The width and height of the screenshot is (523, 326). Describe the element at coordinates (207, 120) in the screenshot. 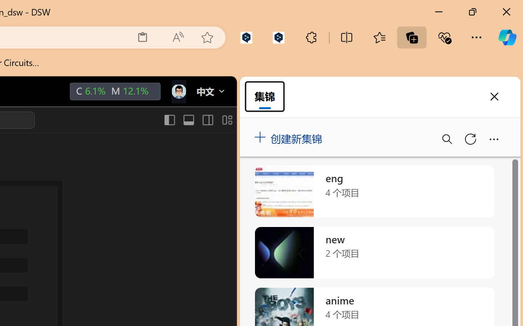

I see `'Toggle Secondary Side Bar (Ctrl+Alt+B)'` at that location.